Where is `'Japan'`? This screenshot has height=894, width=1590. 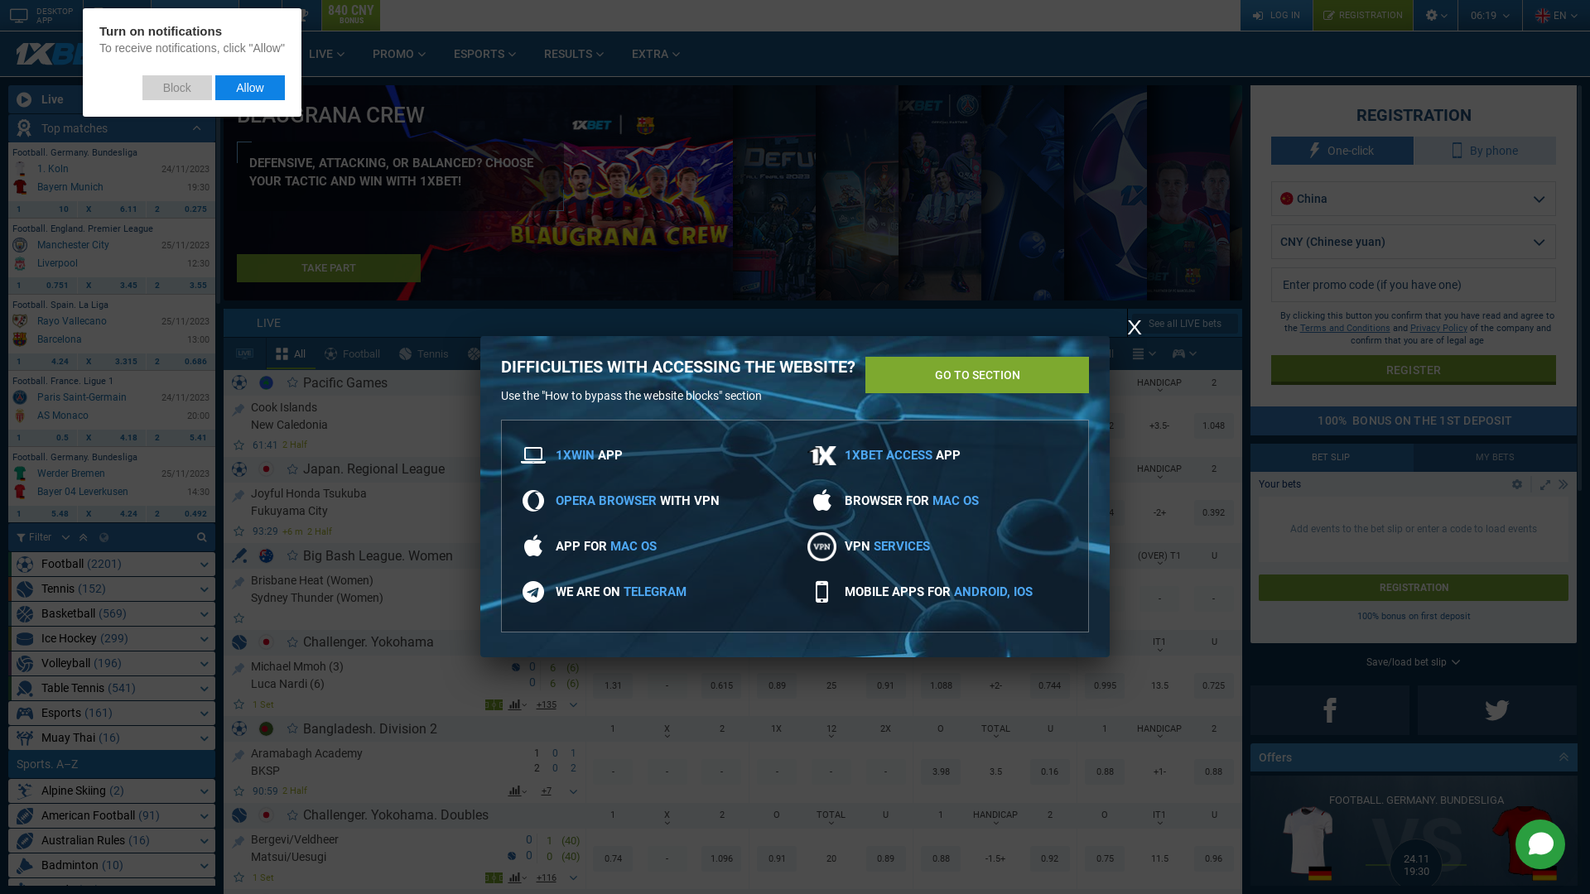
'Japan' is located at coordinates (266, 469).